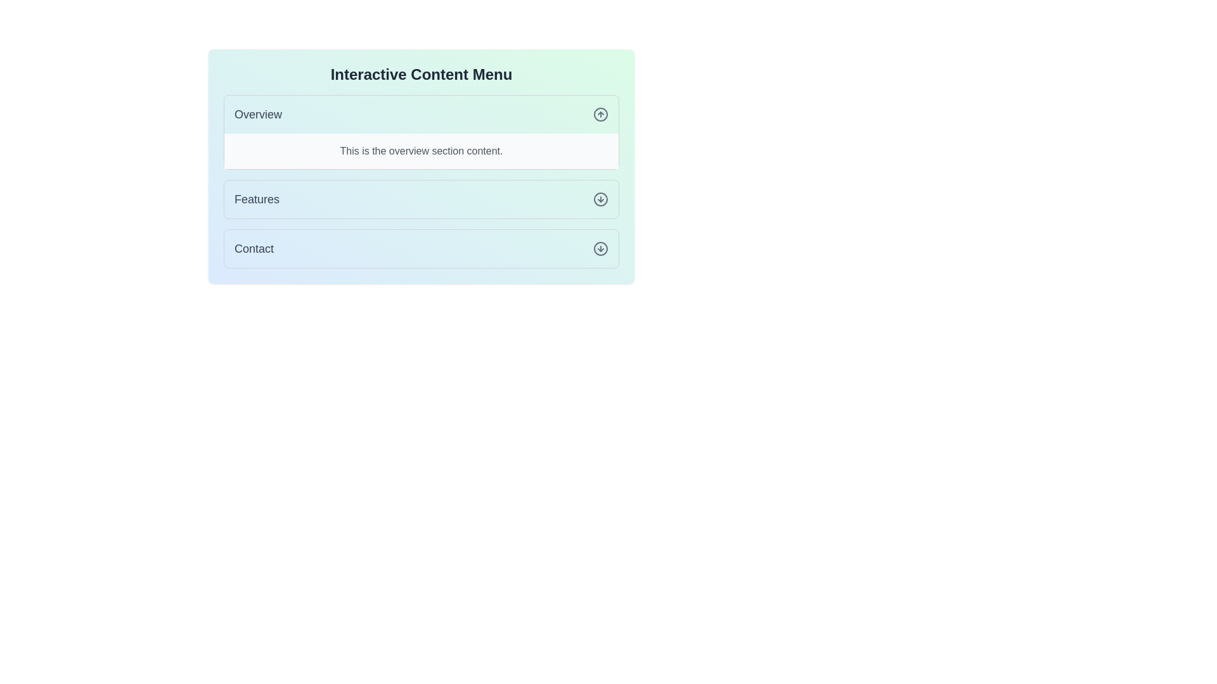 The image size is (1217, 684). I want to click on the 'Overview' expandable section, so click(422, 132).